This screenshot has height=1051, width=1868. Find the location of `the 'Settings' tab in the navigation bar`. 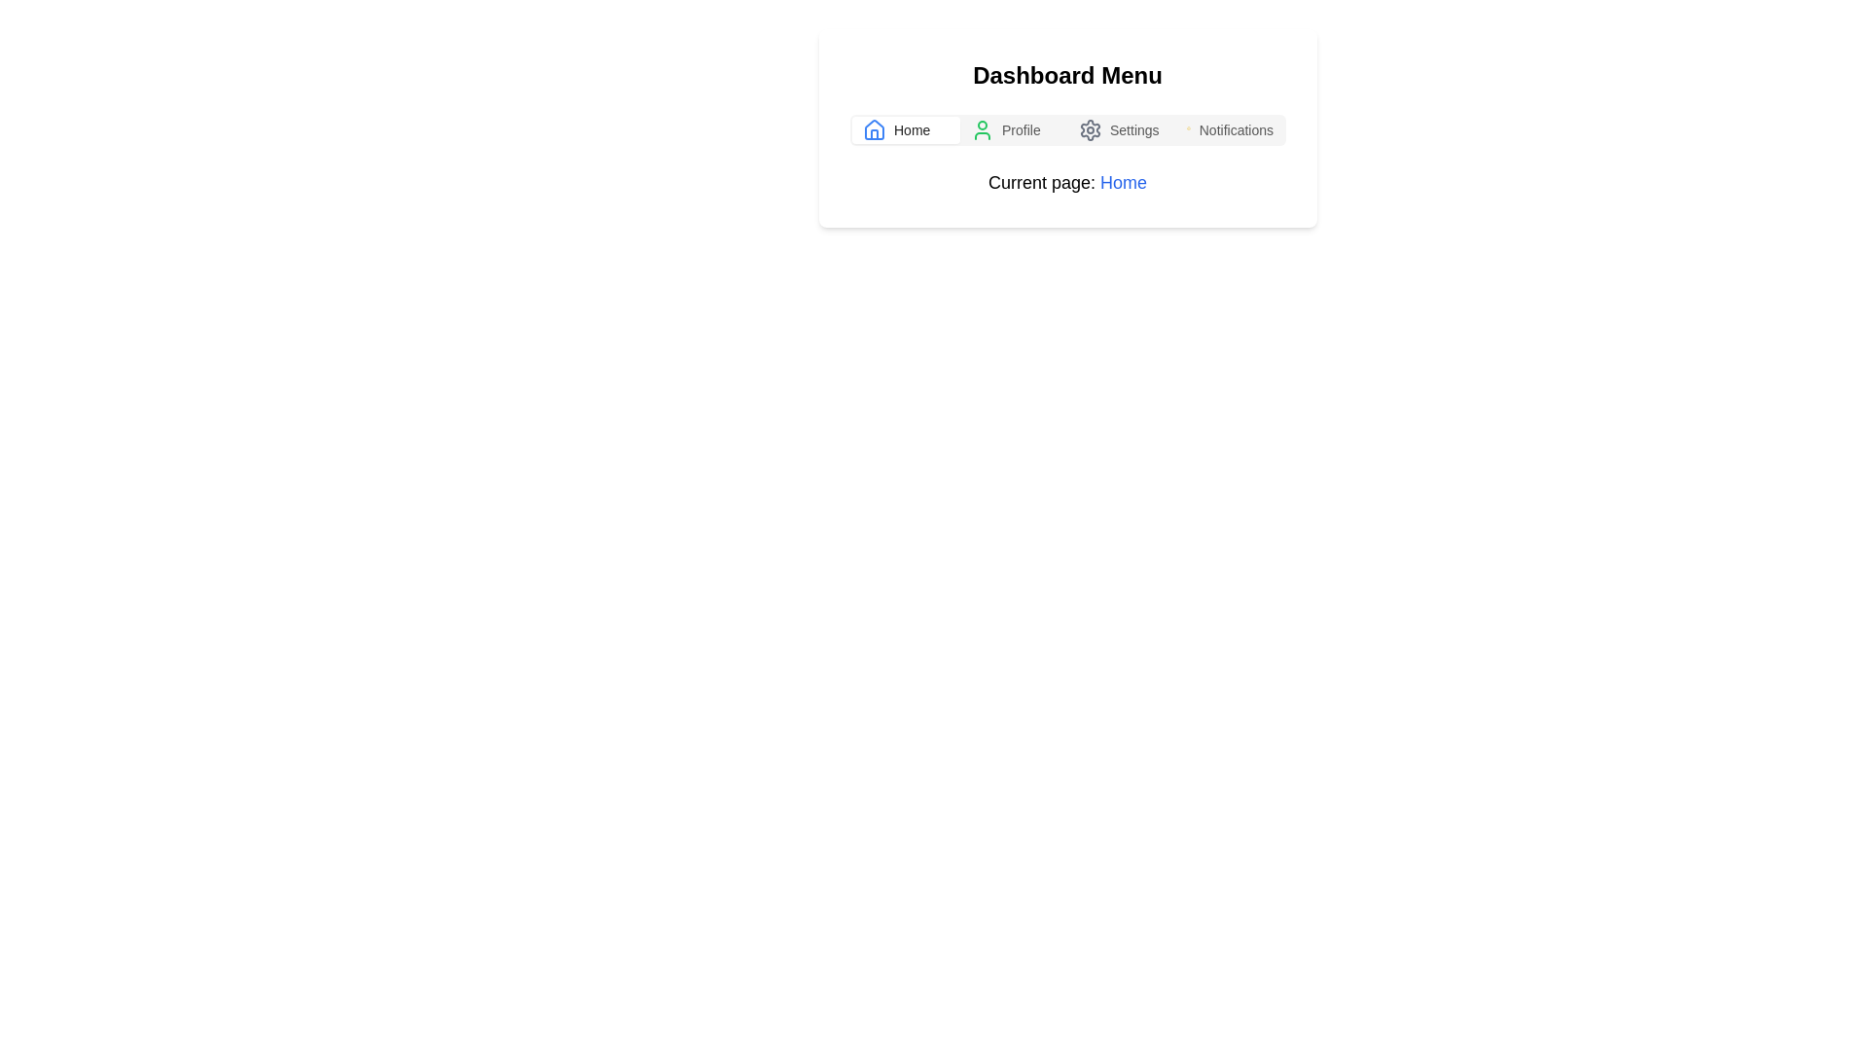

the 'Settings' tab in the navigation bar is located at coordinates (1121, 130).